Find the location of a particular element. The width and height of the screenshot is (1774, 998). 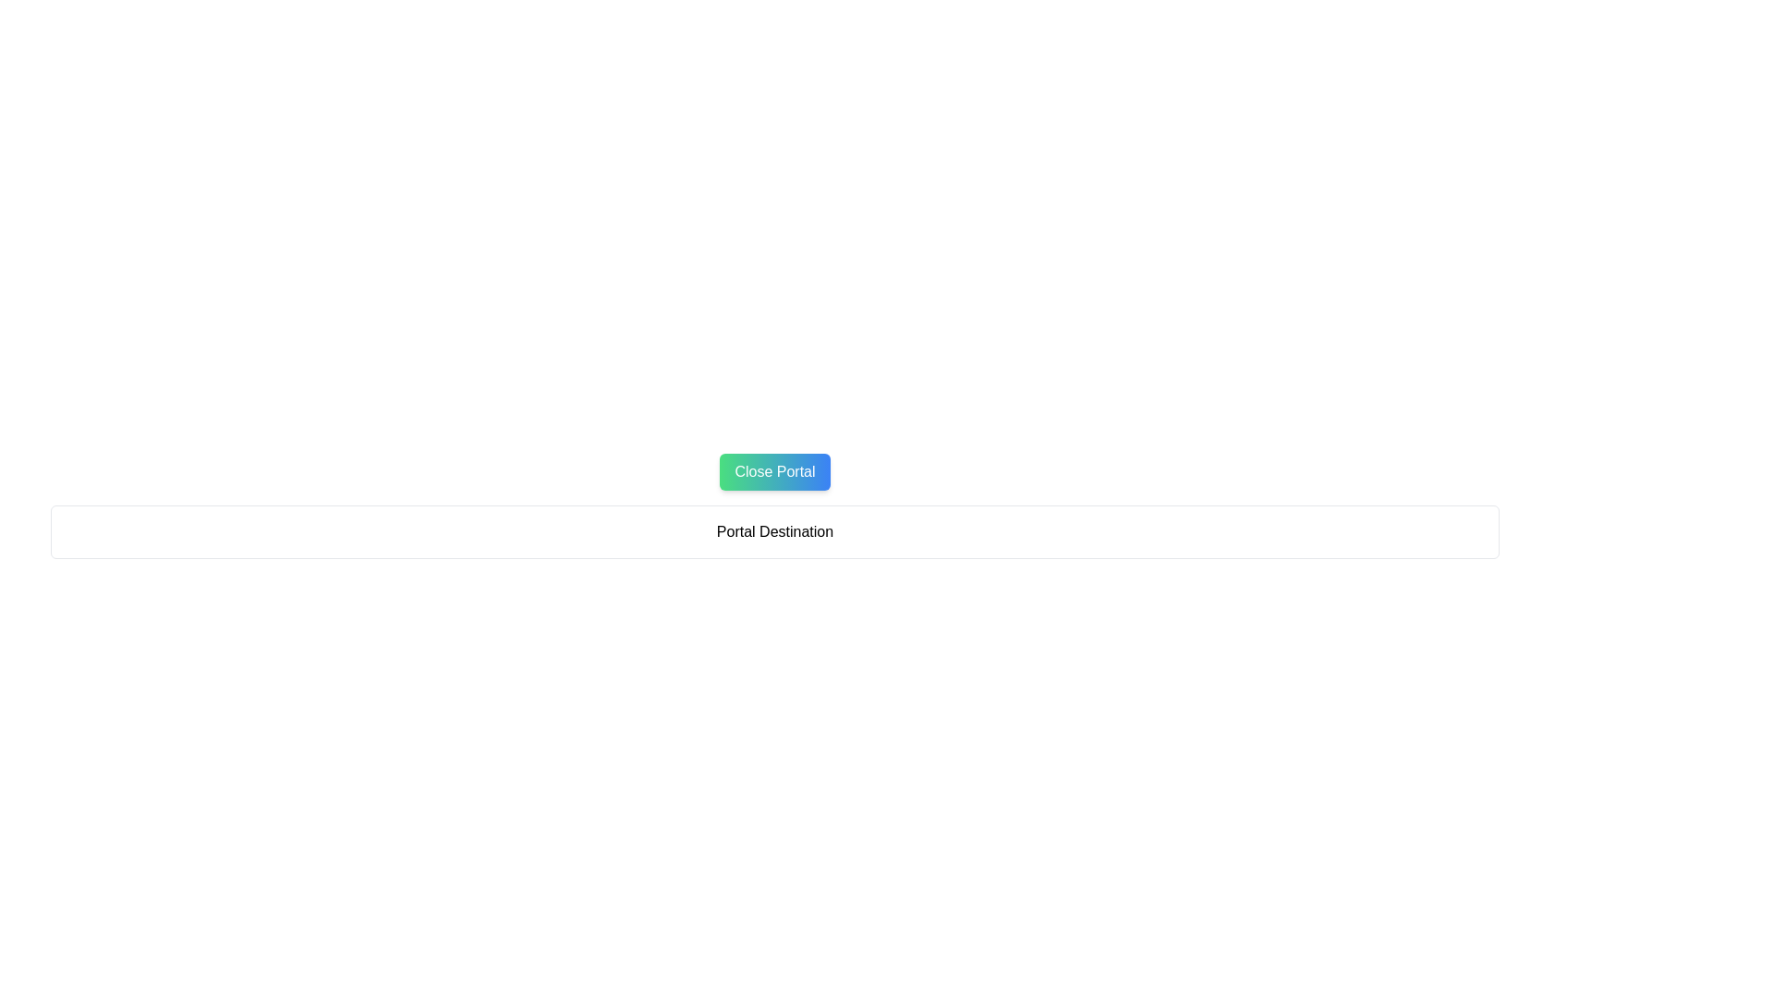

the rounded button with a gradient background labeled 'Close Portal' is located at coordinates (775, 470).